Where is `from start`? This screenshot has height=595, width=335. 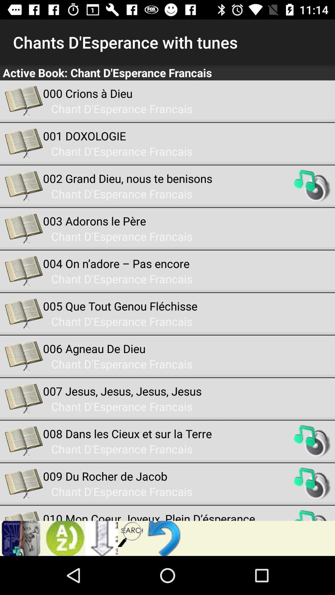 from start is located at coordinates (165, 538).